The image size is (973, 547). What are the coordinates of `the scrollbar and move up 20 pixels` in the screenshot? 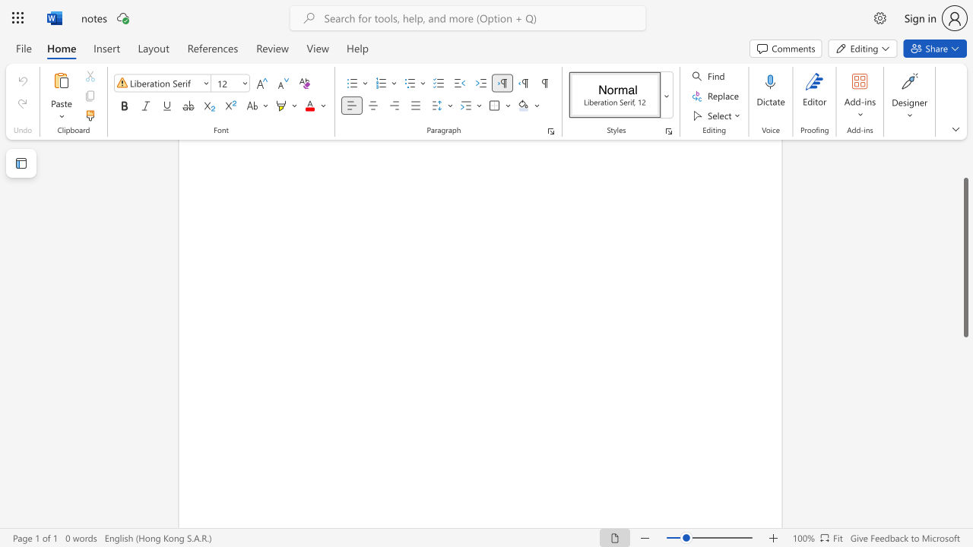 It's located at (965, 257).